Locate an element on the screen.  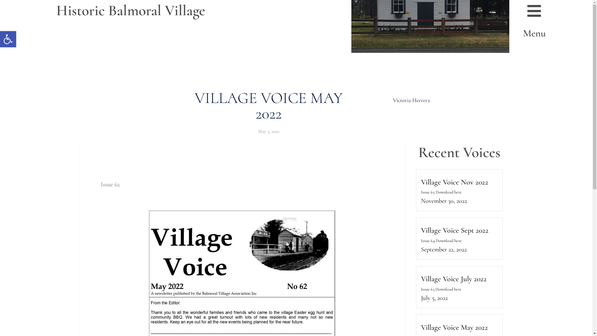
'Village Voice Sept 2022' is located at coordinates (421, 230).